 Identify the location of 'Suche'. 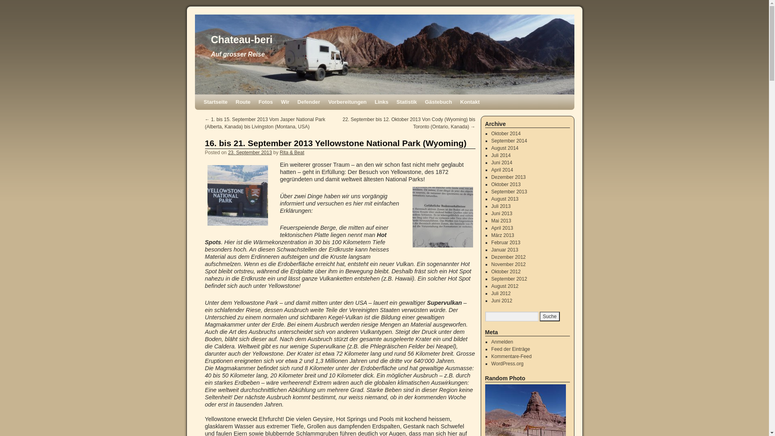
(549, 316).